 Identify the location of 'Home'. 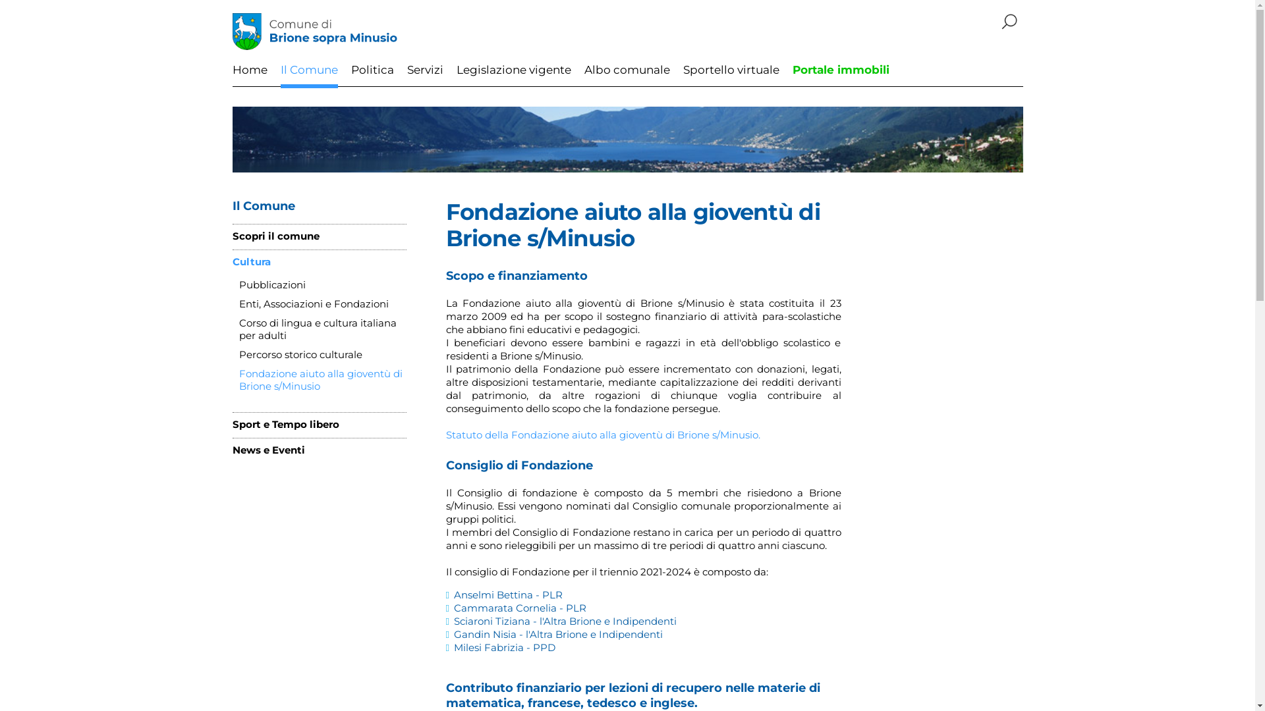
(249, 76).